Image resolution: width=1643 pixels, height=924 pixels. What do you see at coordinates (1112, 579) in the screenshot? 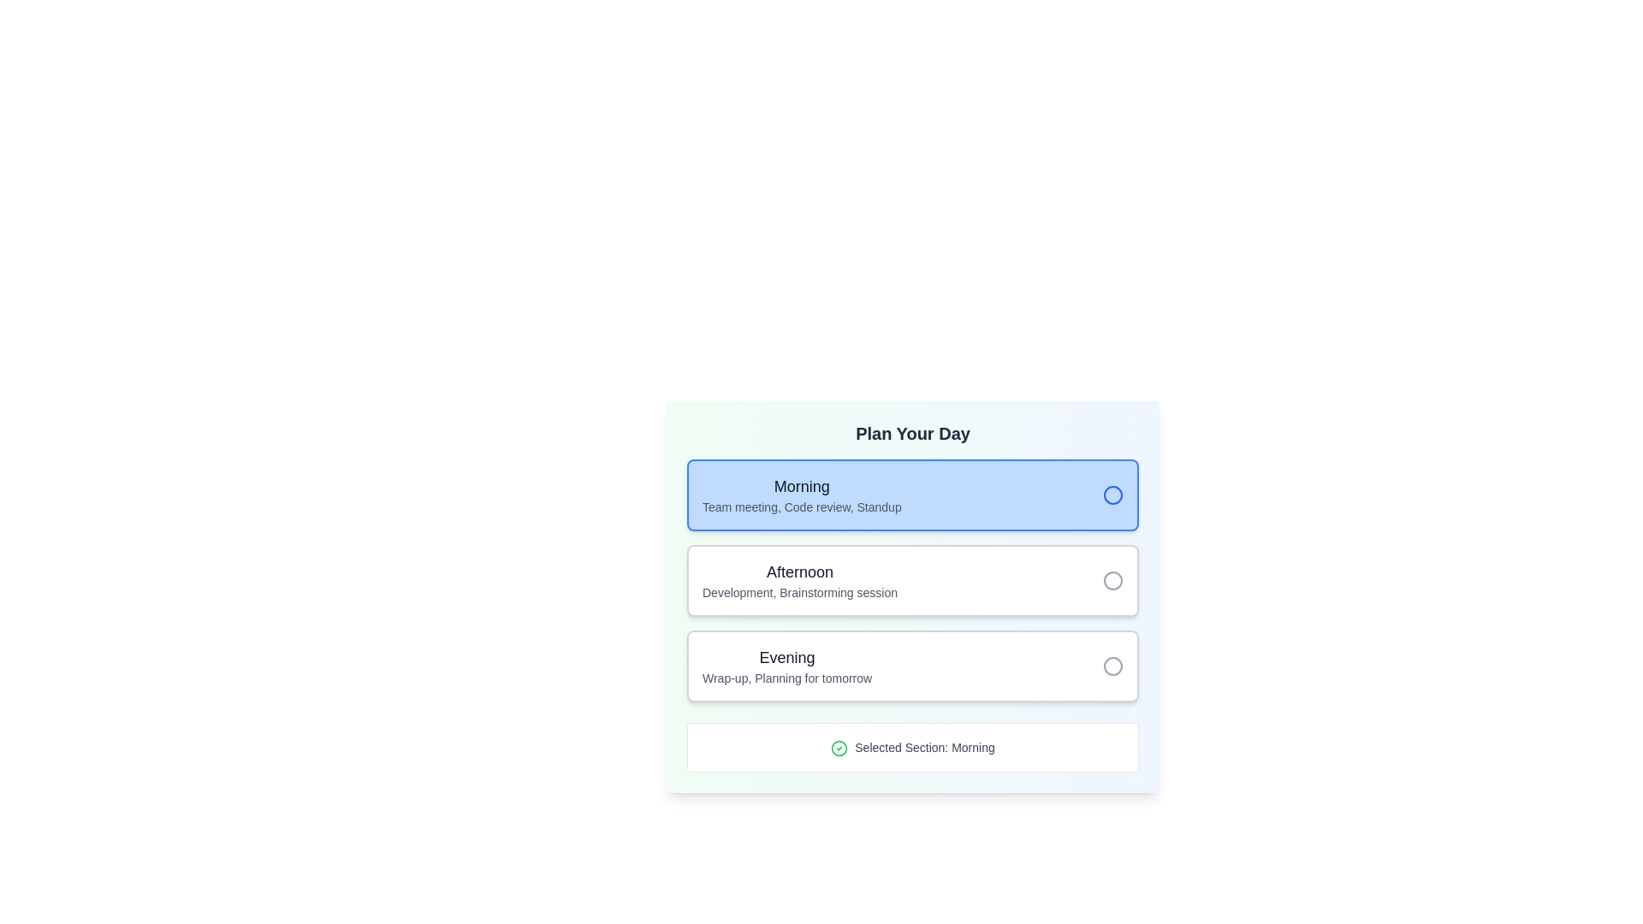
I see `the radio button in the rightmost position within the 'Afternoon' section` at bounding box center [1112, 579].